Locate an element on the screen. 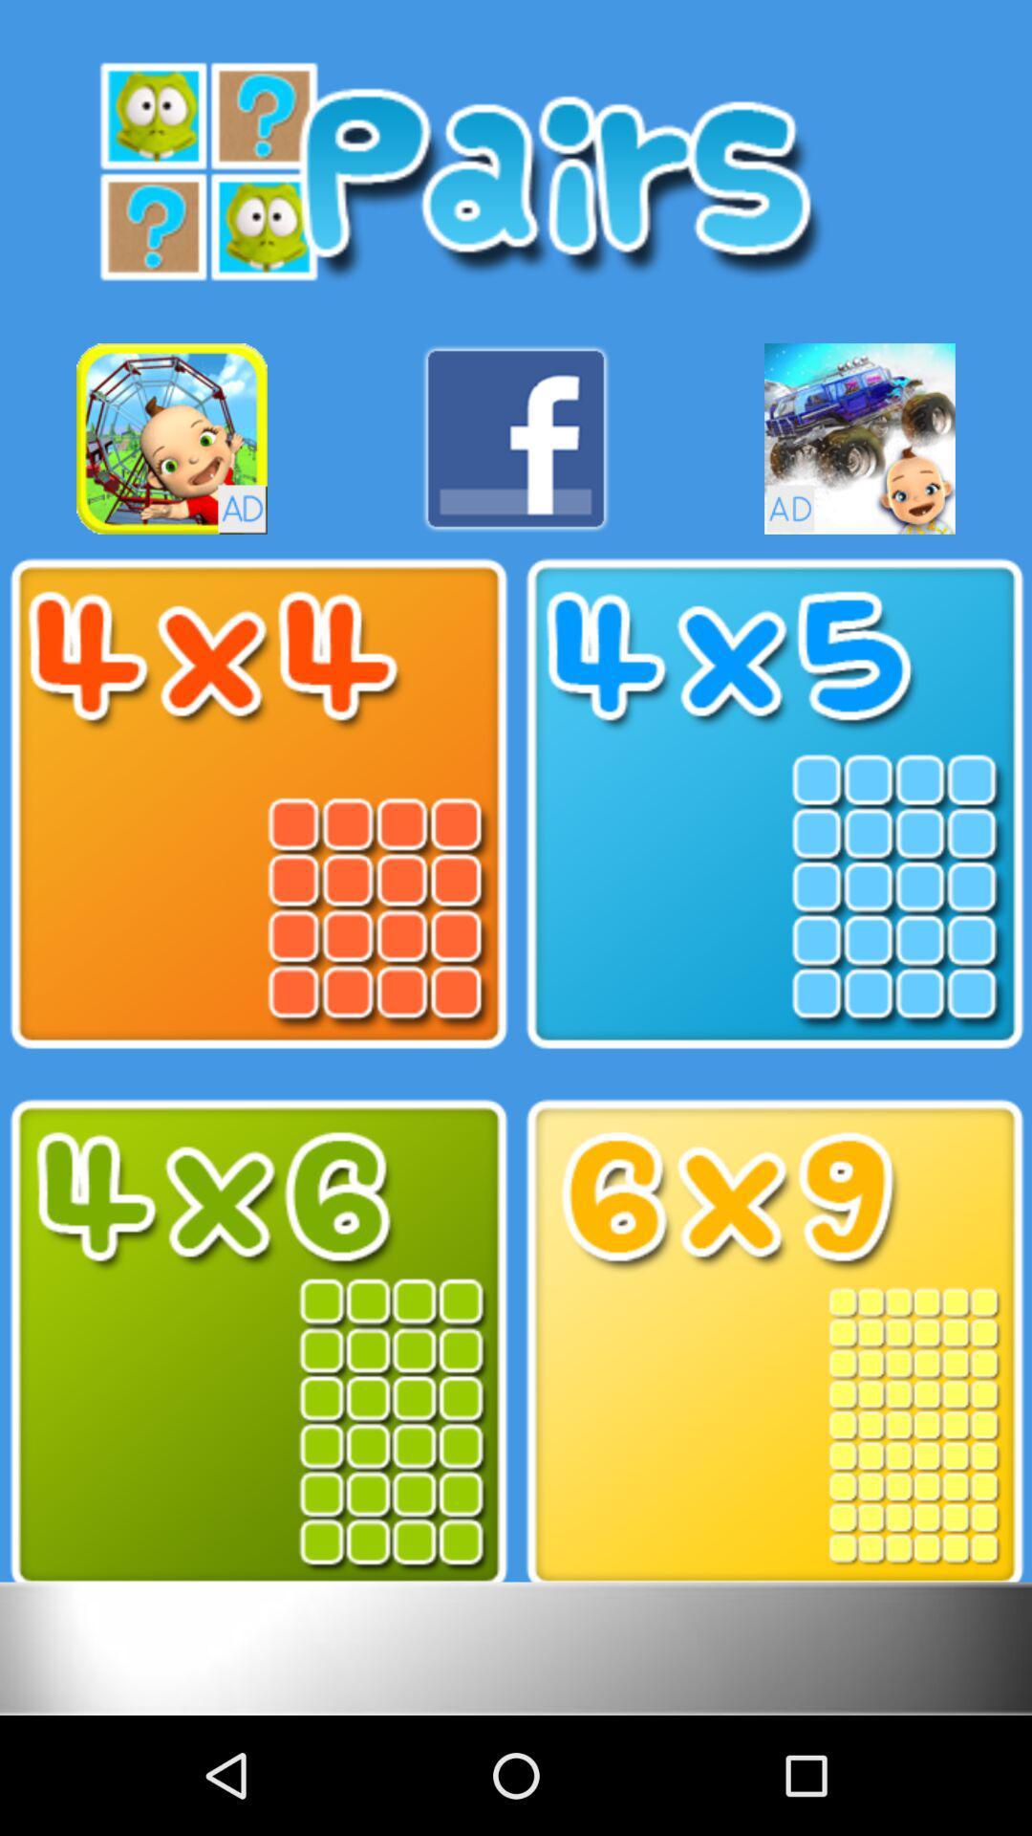  play option is located at coordinates (258, 1344).